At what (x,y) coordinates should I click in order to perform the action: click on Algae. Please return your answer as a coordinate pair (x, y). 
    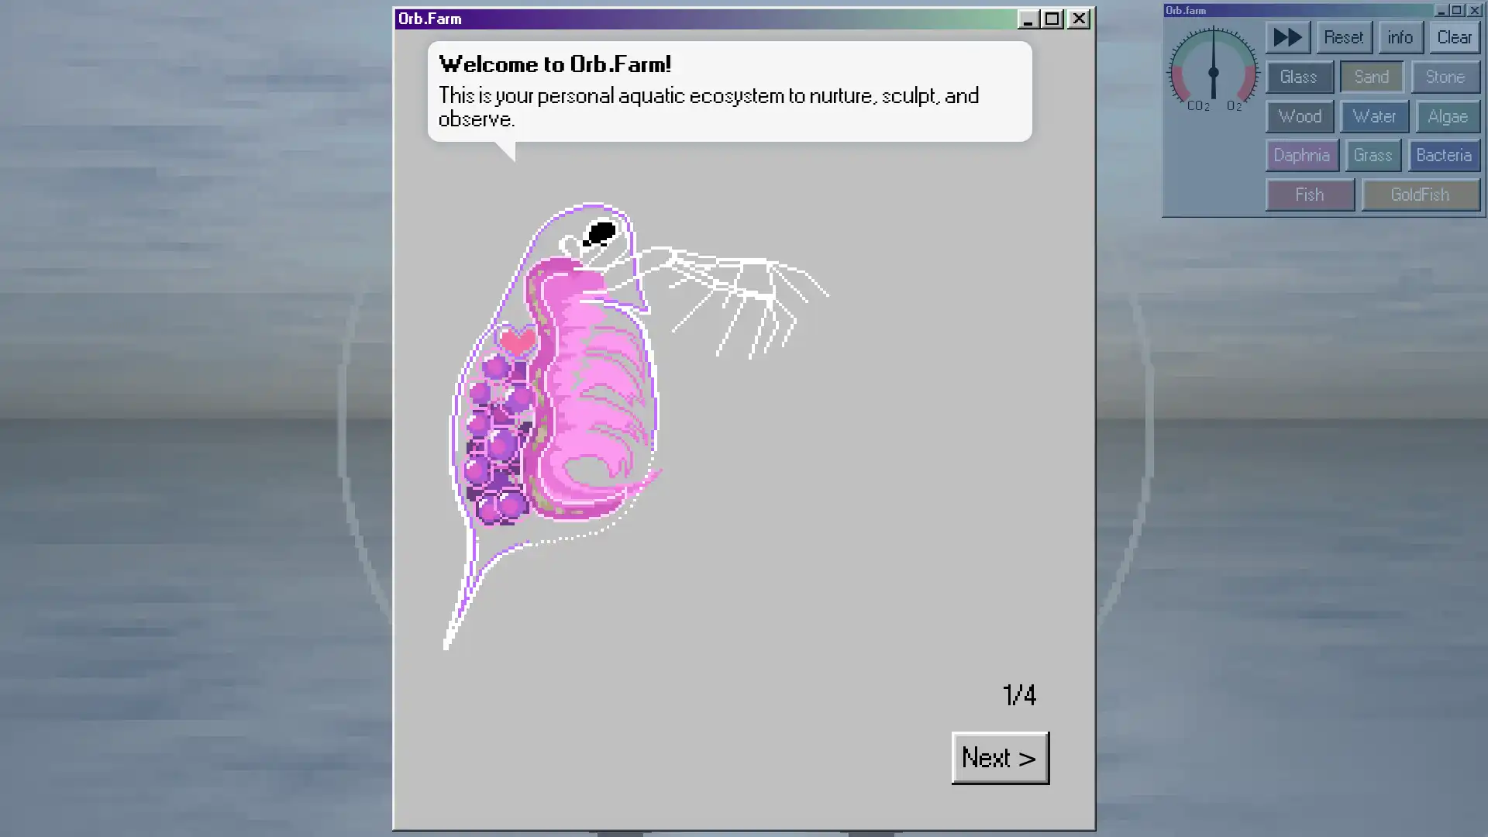
    Looking at the image, I should click on (772, 60).